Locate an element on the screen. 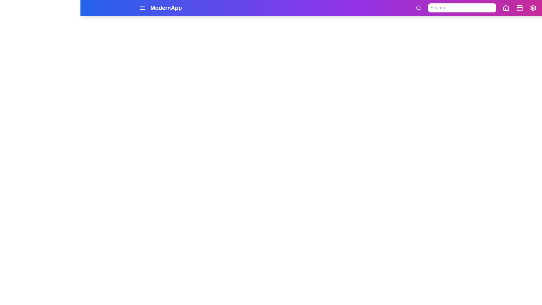  the home icon located within the header bar, the second icon from the right is located at coordinates (506, 8).